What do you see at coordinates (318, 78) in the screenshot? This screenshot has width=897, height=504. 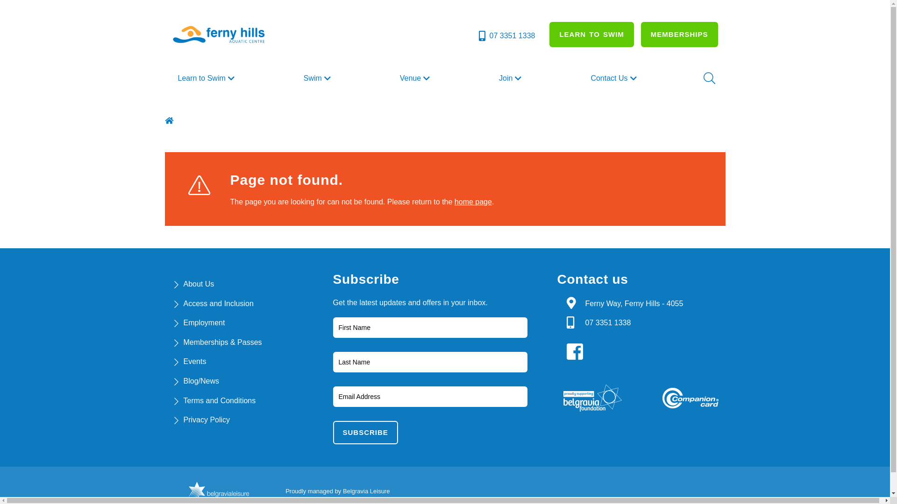 I see `'Swim'` at bounding box center [318, 78].